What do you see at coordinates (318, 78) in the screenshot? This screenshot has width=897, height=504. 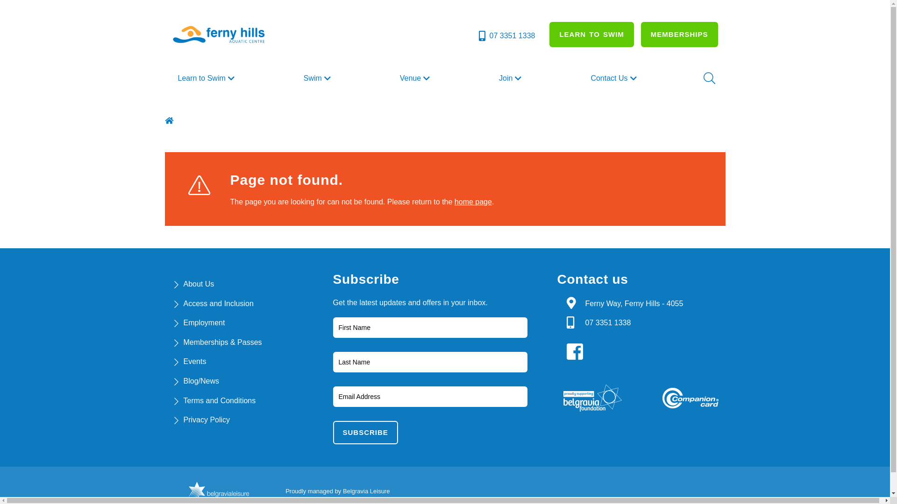 I see `'Swim'` at bounding box center [318, 78].